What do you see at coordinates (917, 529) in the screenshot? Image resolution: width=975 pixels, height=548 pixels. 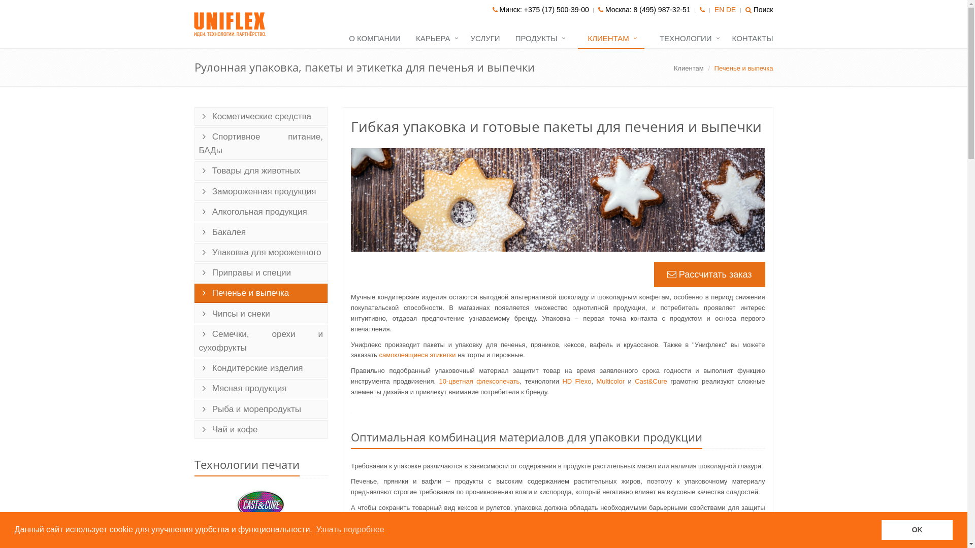 I see `'OK'` at bounding box center [917, 529].